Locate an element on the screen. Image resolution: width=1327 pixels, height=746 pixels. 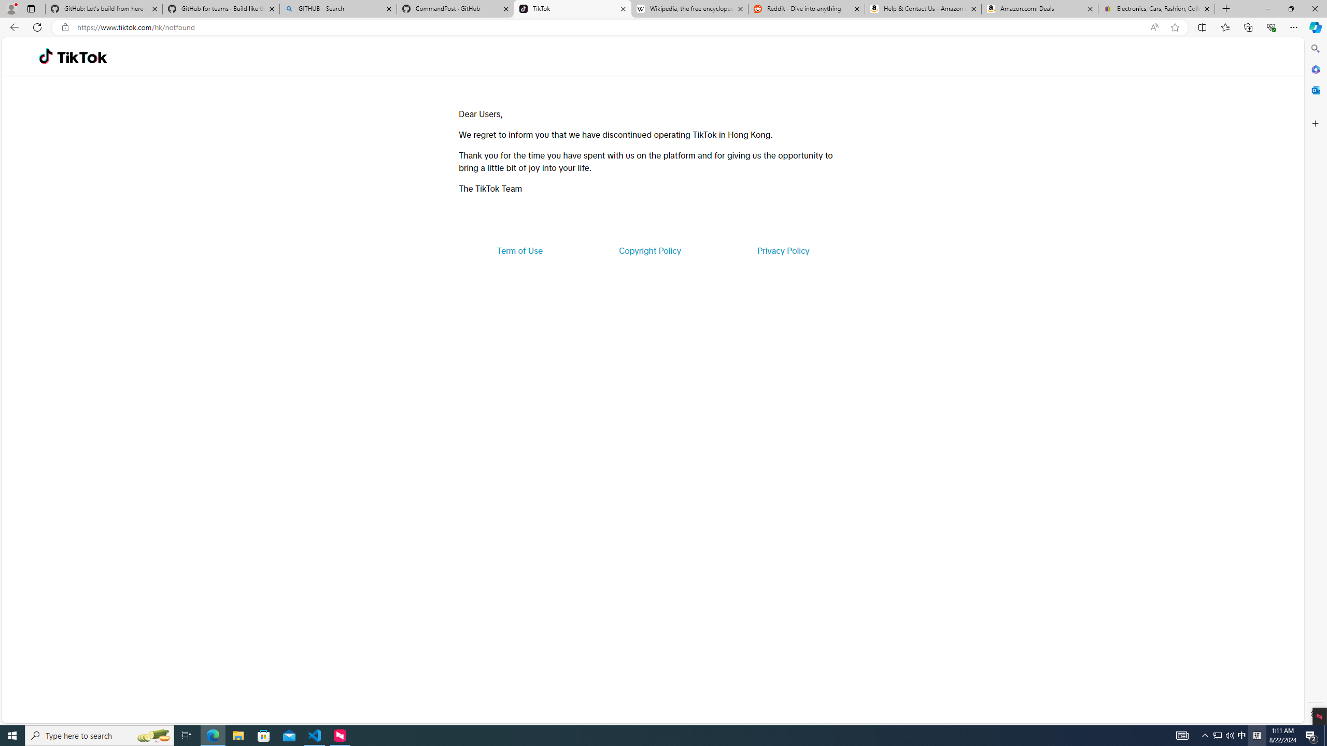
'Wikipedia, the free encyclopedia' is located at coordinates (688, 8).